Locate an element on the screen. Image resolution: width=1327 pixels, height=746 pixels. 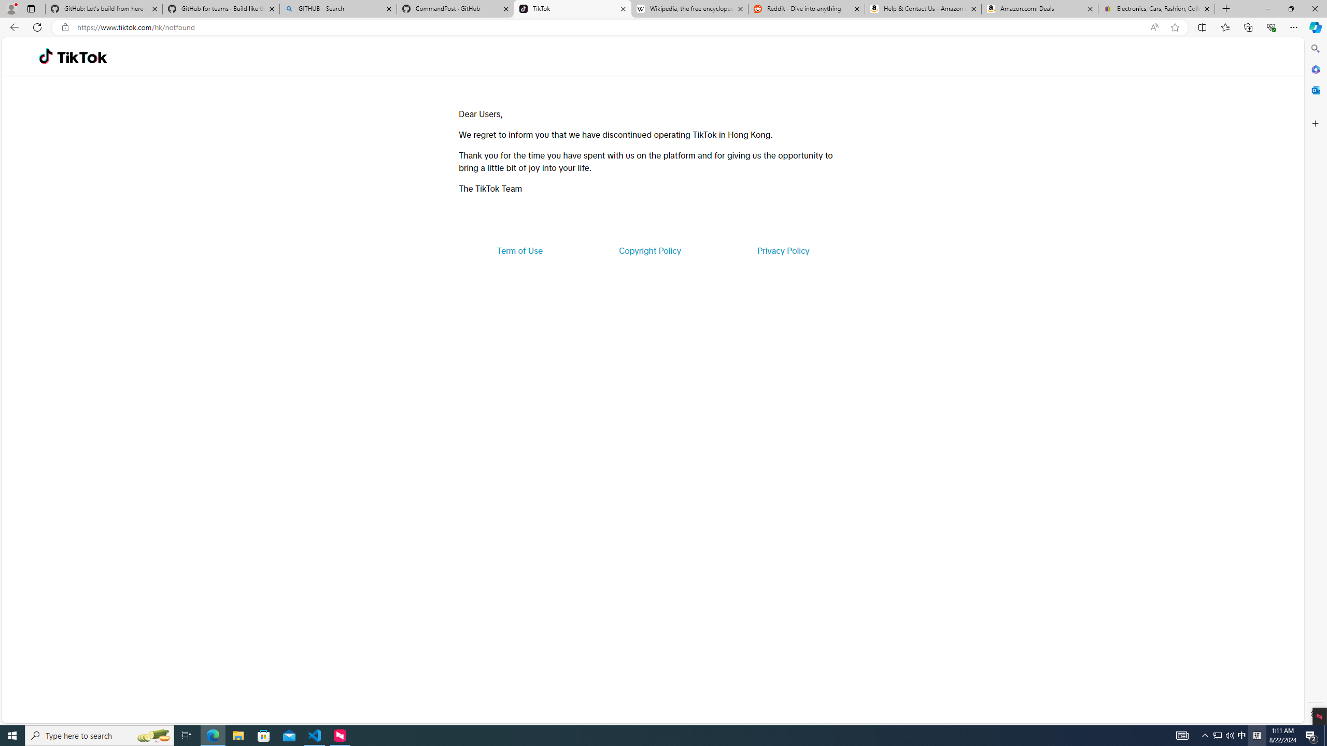
'Wikipedia, the free encyclopedia' is located at coordinates (688, 8).